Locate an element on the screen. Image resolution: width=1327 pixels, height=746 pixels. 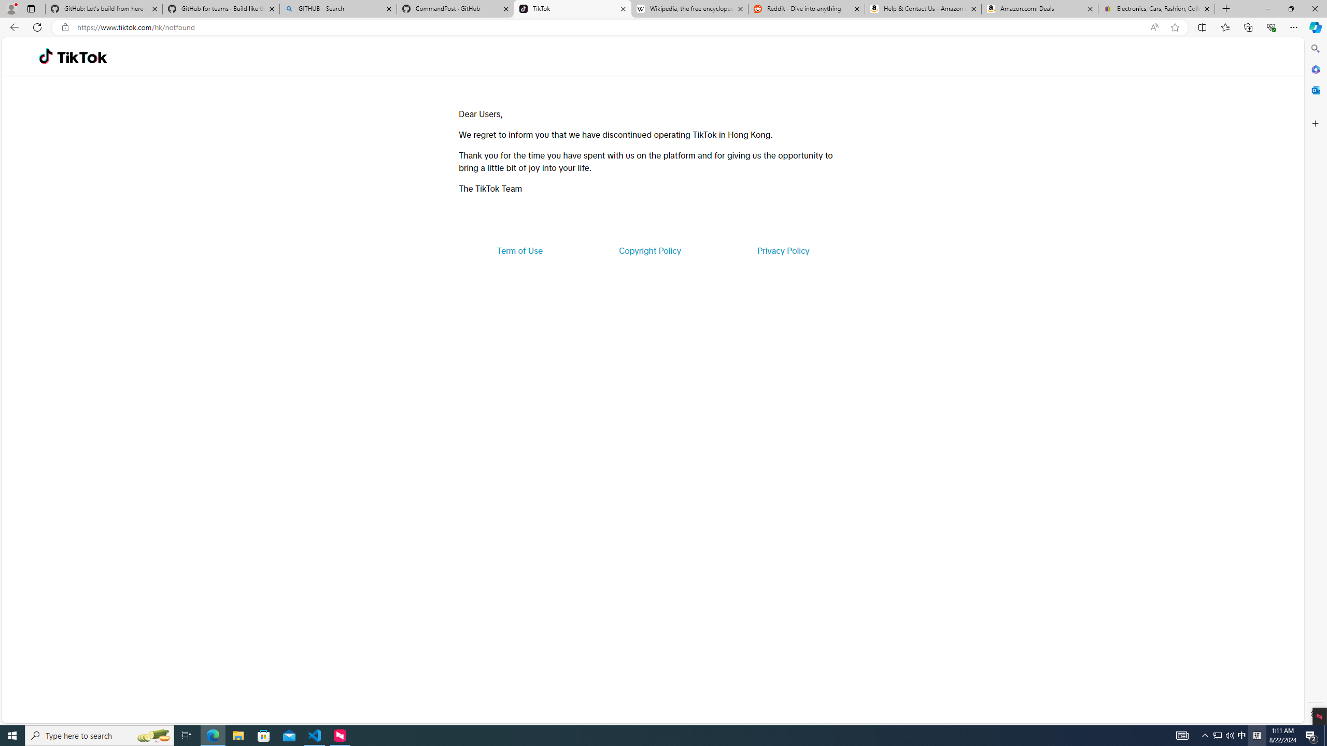
'Wikipedia, the free encyclopedia' is located at coordinates (688, 8).